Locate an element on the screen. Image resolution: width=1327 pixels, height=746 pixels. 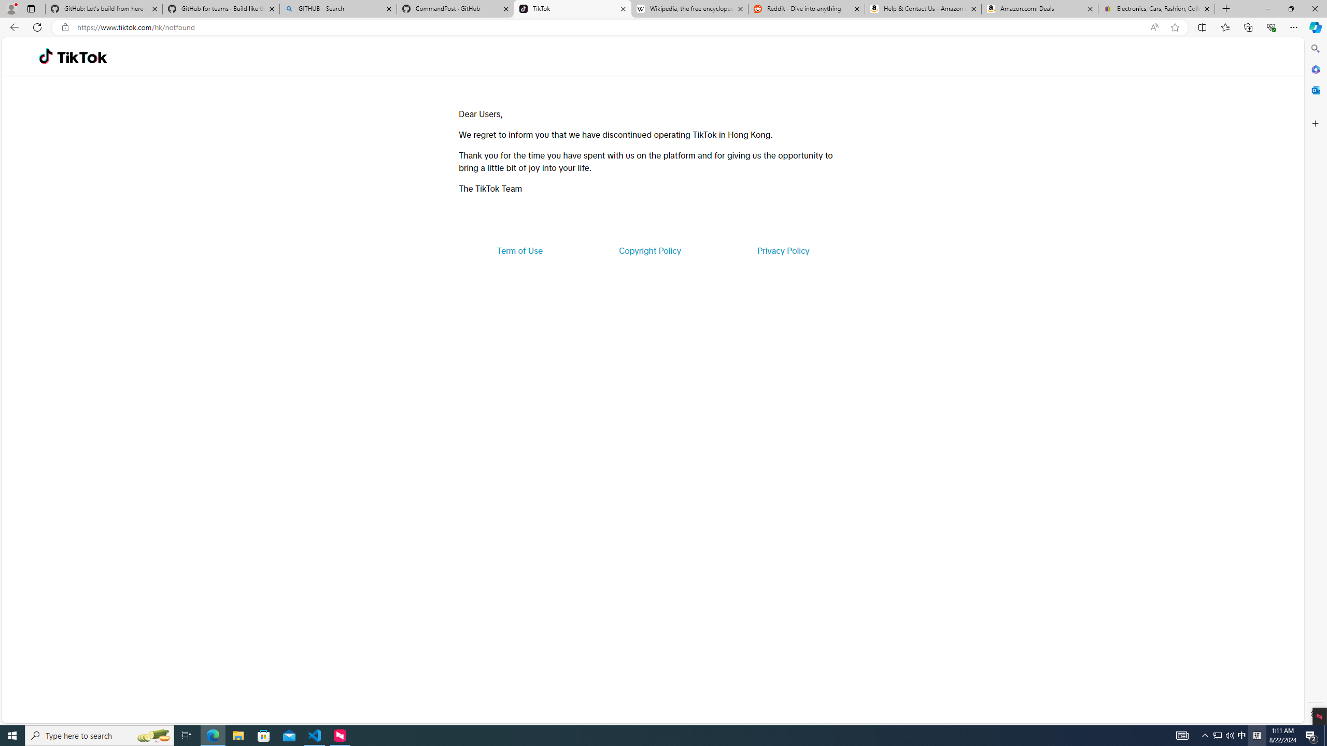
'Wikipedia, the free encyclopedia' is located at coordinates (688, 8).